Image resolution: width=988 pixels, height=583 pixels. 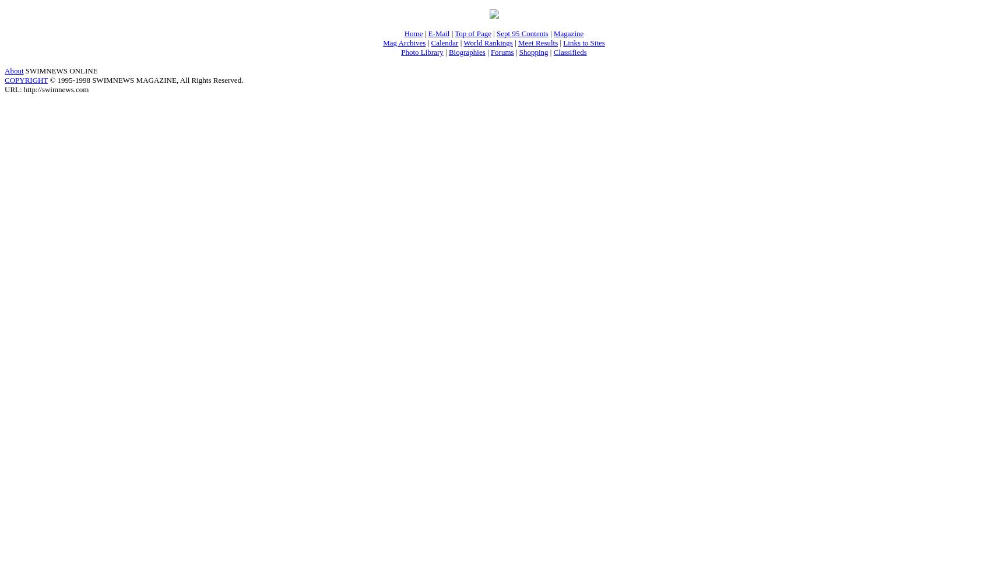 I want to click on 'E-Mail', so click(x=438, y=33).